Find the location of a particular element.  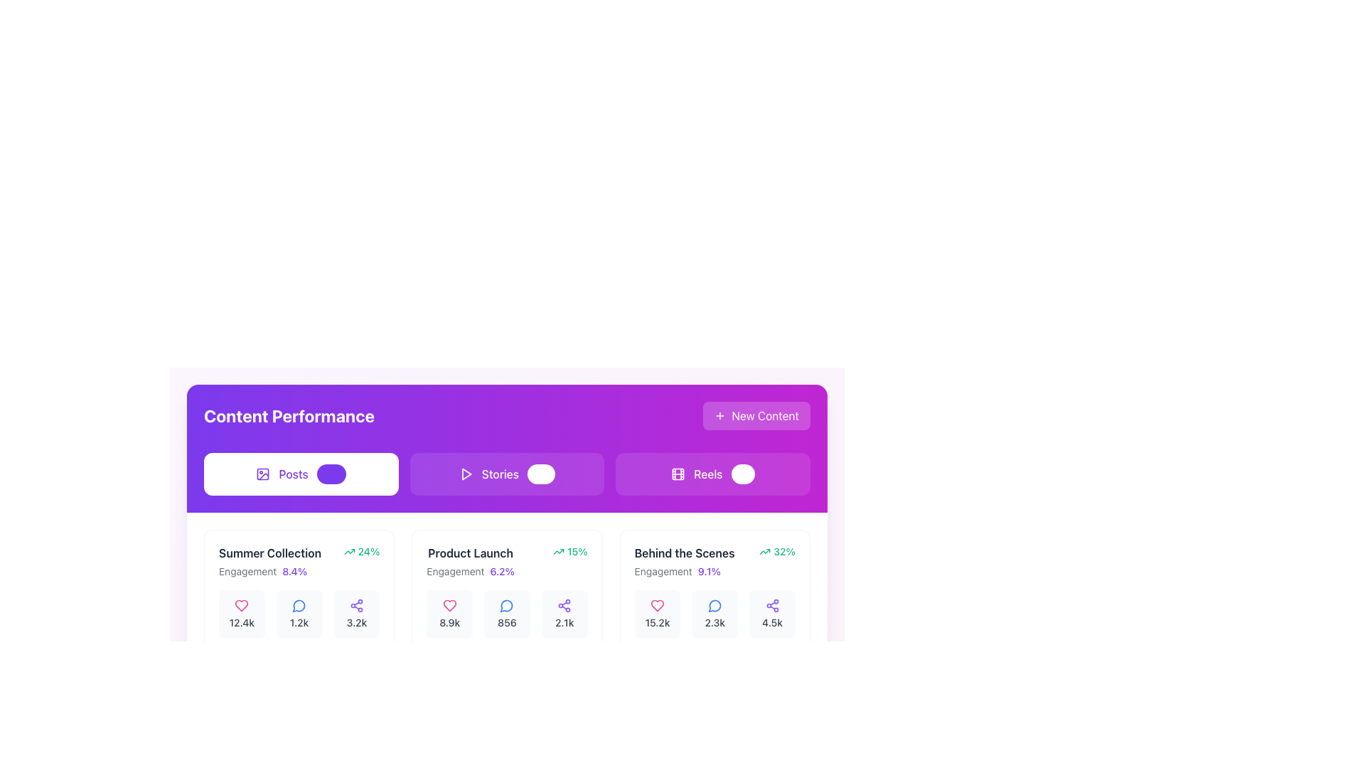

the 'Stories' button located in the middle of the 'Content Performance' section to filter the displayed content is located at coordinates (507, 474).